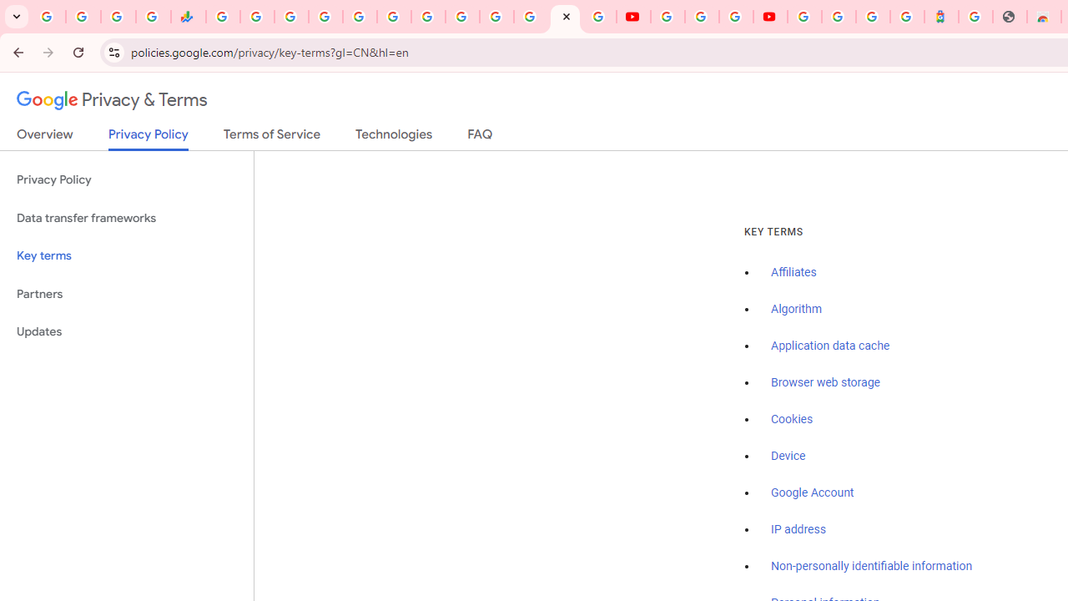 The height and width of the screenshot is (601, 1068). I want to click on 'Google Account Help', so click(701, 17).